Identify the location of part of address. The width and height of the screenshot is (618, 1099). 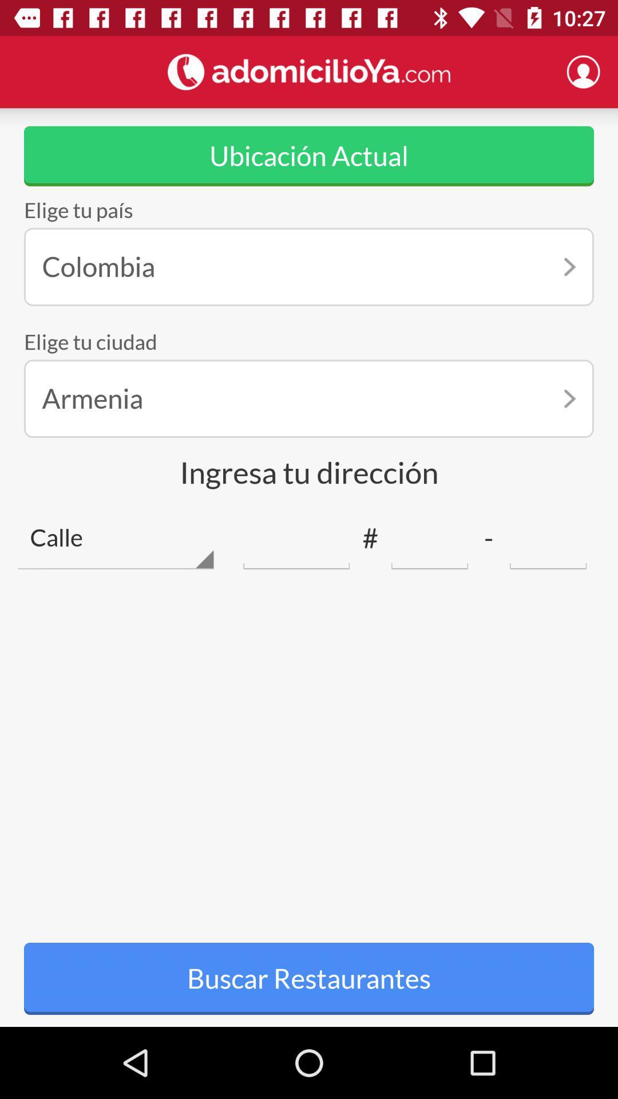
(430, 537).